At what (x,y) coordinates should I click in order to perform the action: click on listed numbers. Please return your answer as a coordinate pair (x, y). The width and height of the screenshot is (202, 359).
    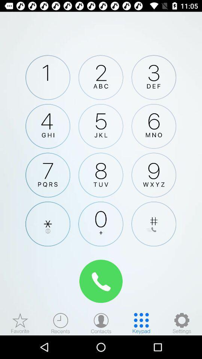
    Looking at the image, I should click on (101, 323).